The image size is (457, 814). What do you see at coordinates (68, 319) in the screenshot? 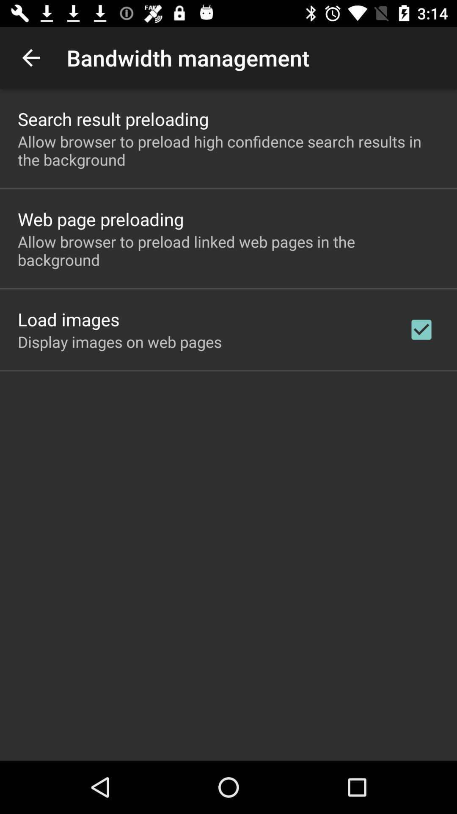
I see `the load images` at bounding box center [68, 319].